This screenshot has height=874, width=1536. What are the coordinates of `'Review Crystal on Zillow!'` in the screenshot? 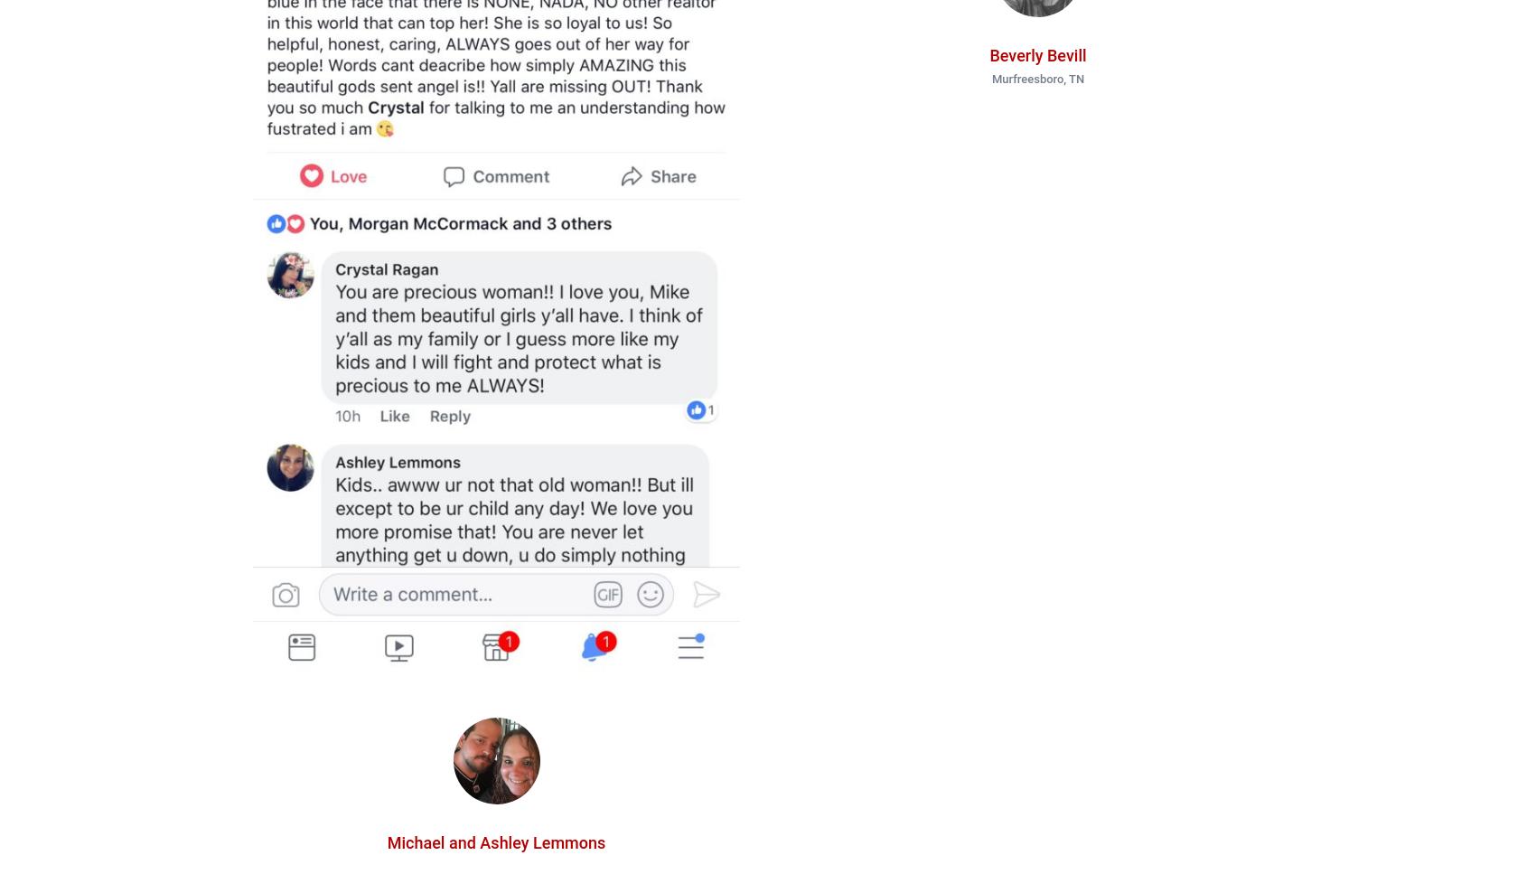 It's located at (549, 145).